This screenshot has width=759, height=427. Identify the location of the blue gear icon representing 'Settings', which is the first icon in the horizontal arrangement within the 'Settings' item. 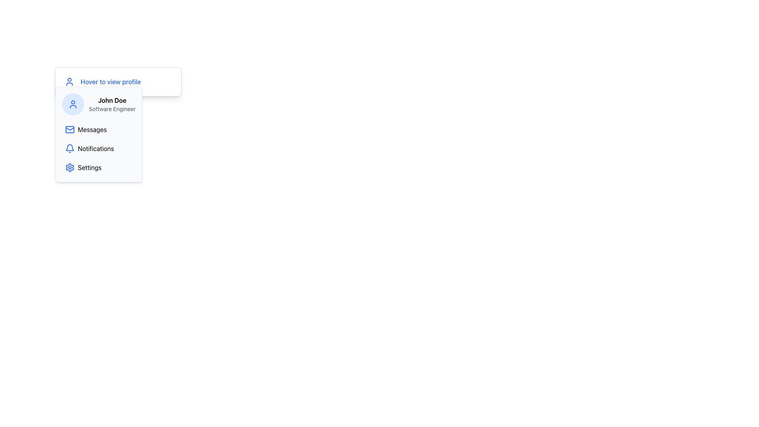
(70, 167).